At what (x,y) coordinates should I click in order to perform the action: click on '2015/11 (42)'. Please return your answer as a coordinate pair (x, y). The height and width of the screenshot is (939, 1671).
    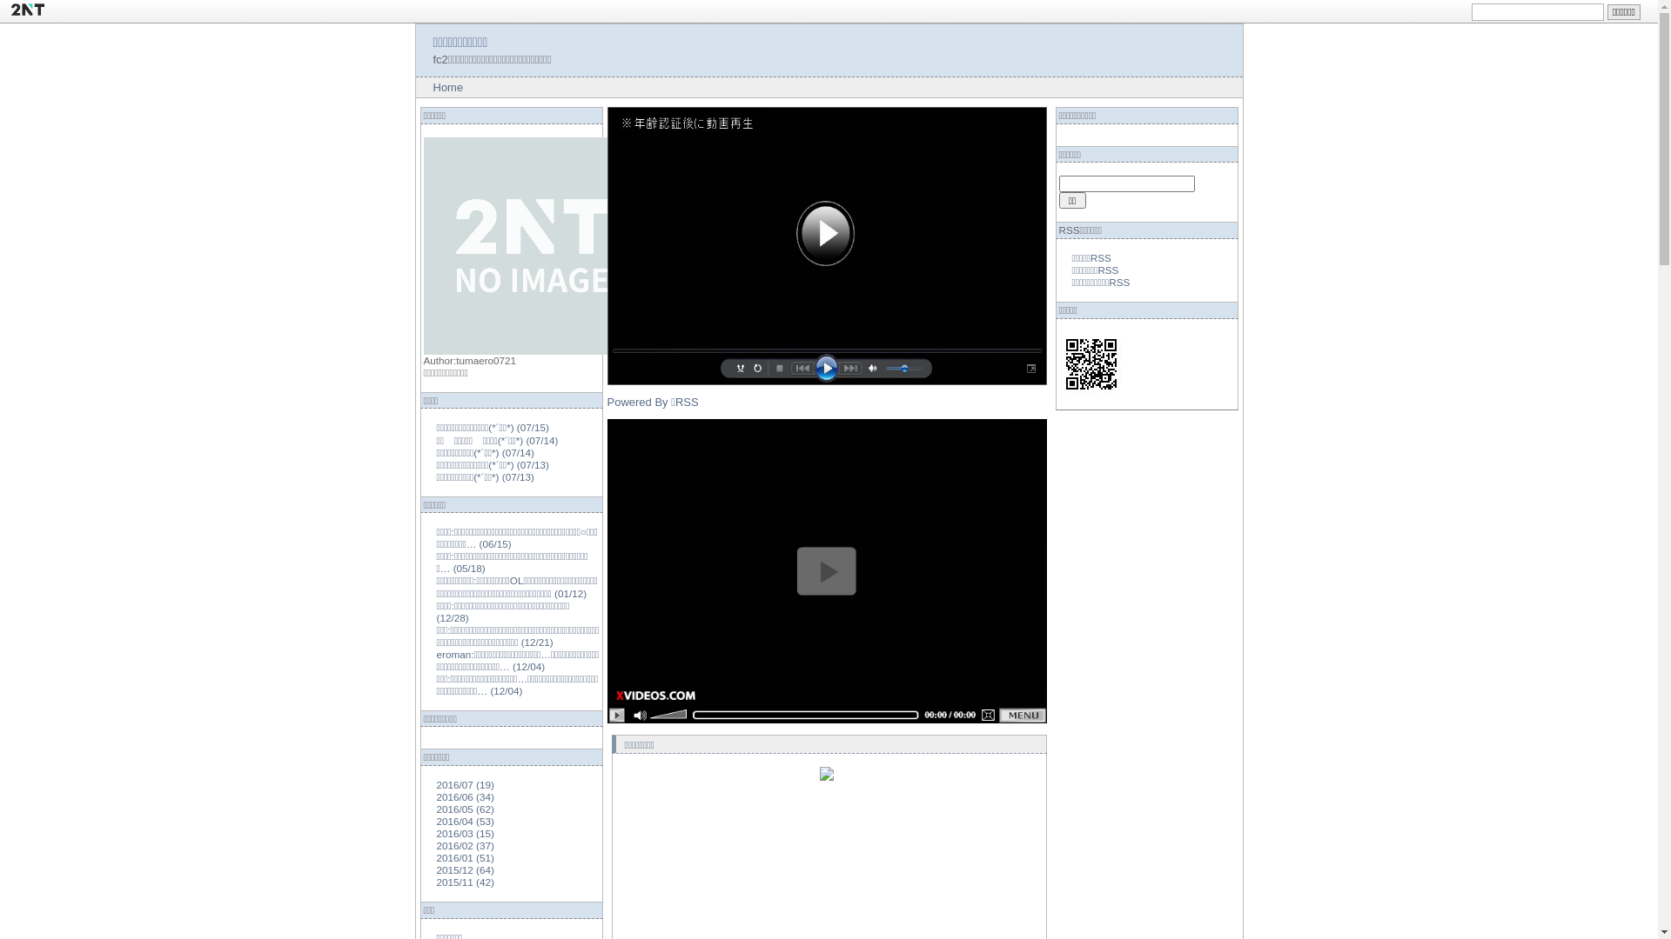
    Looking at the image, I should click on (437, 882).